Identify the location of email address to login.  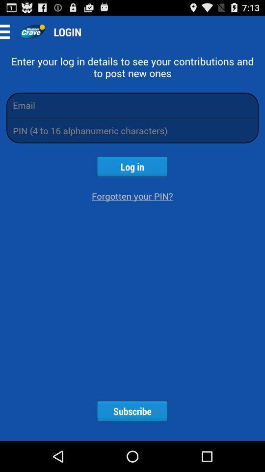
(132, 105).